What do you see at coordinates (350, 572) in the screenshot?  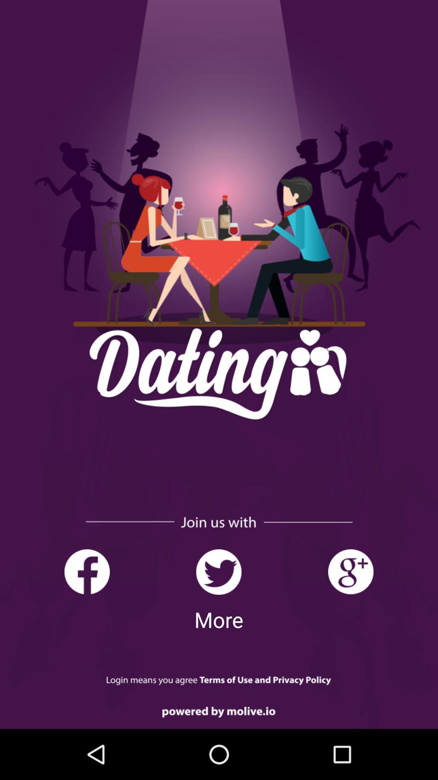 I see `authenticate using google` at bounding box center [350, 572].